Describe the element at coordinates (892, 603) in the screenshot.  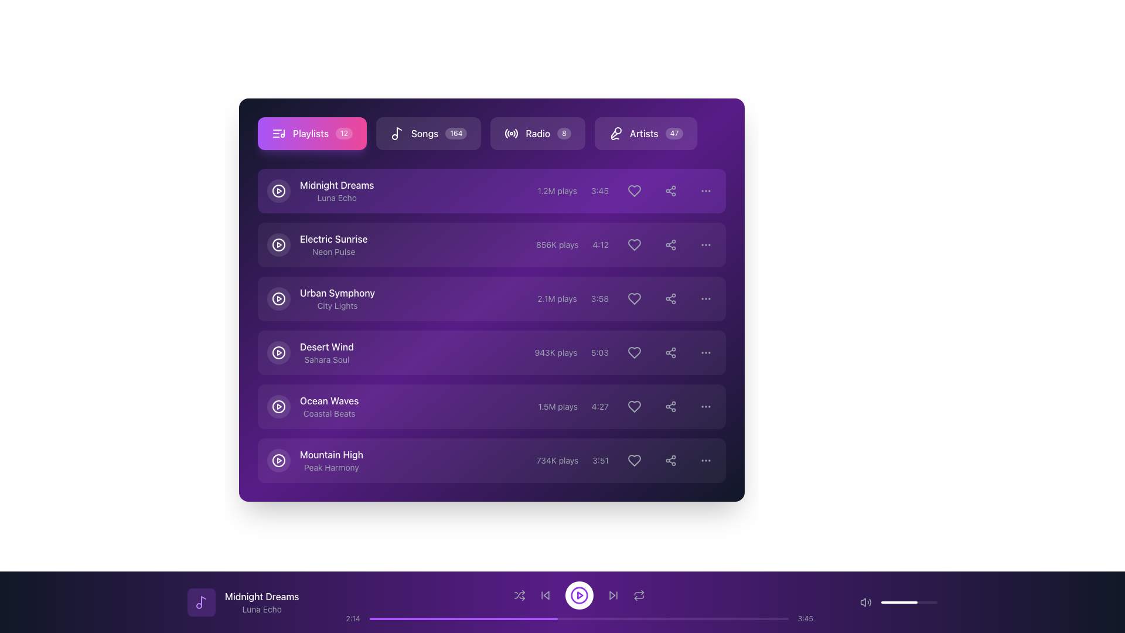
I see `the volume level` at that location.